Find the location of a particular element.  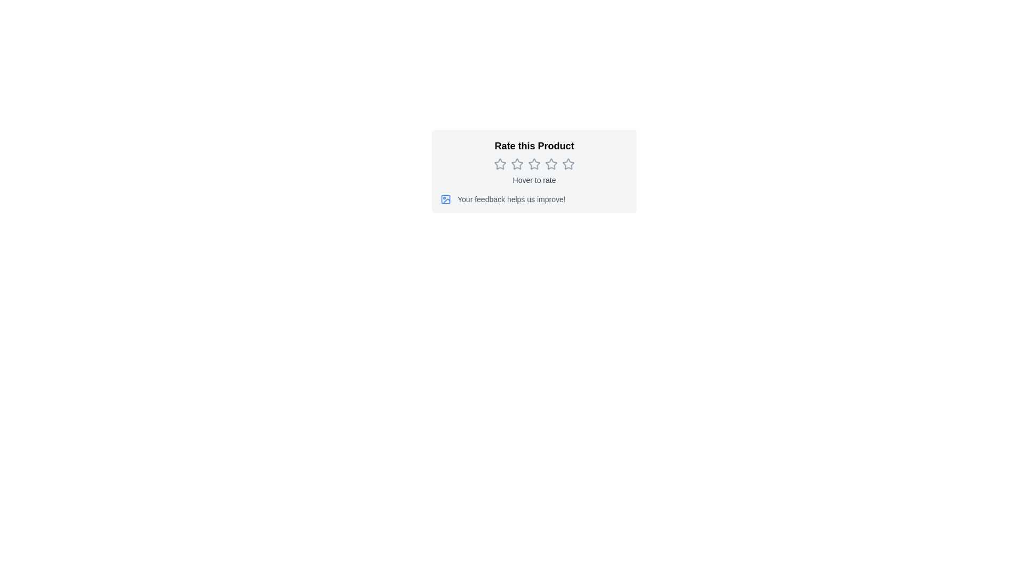

the first star icon in the star-based rating system to indicate the lowest level of satisfaction for the 'Rate this Product' card is located at coordinates (499, 164).